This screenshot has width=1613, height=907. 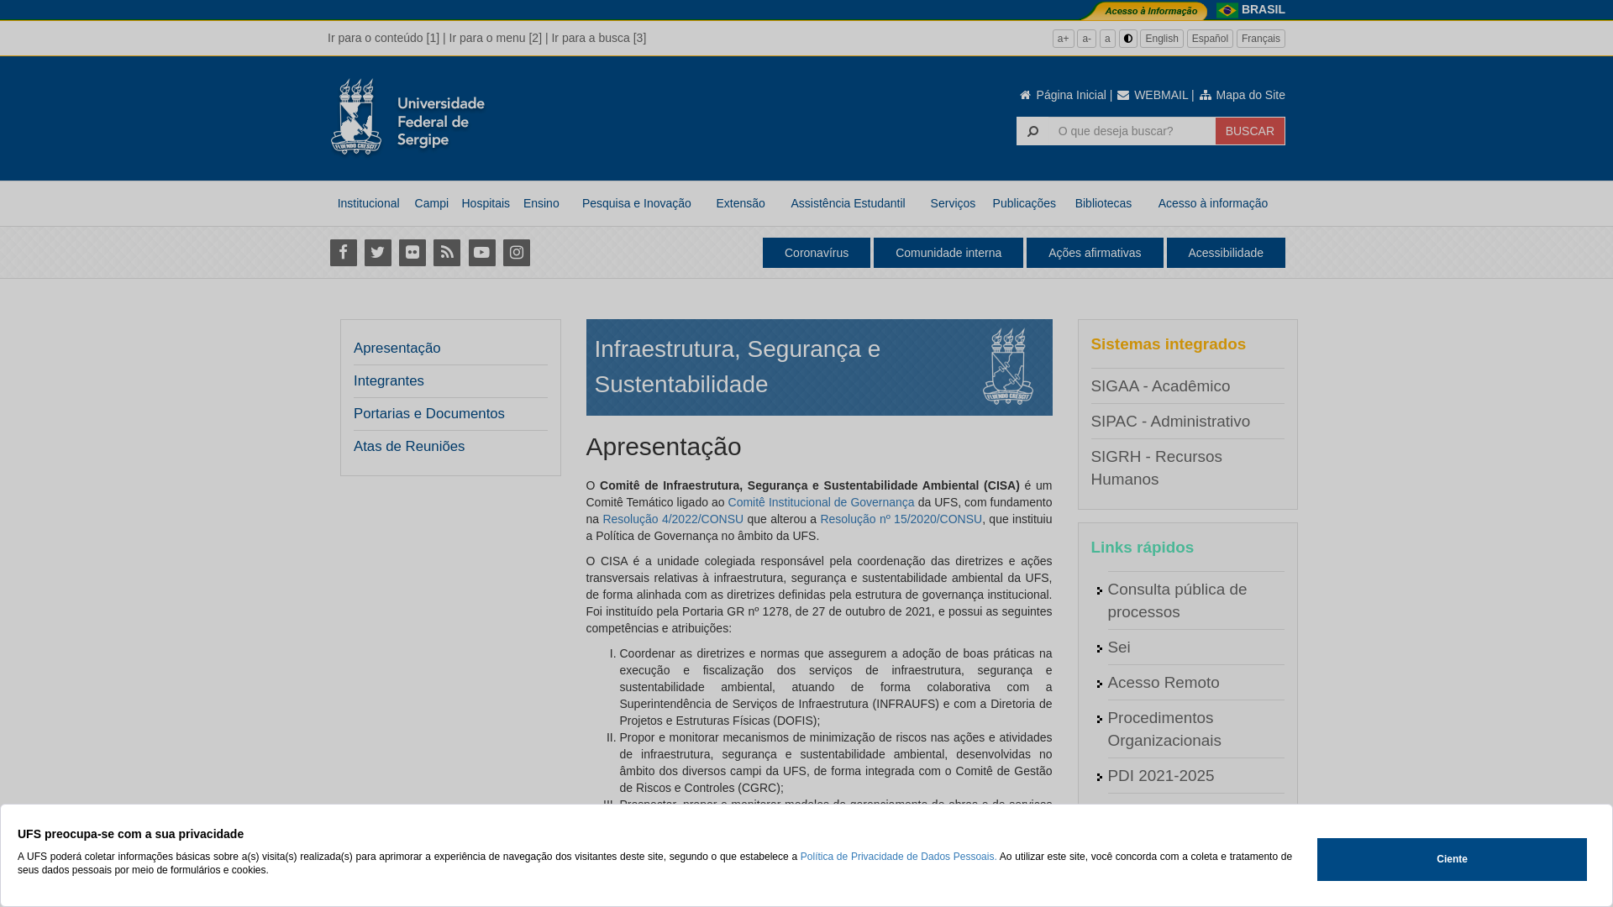 I want to click on 'Procedimentos Organizacionais', so click(x=1163, y=727).